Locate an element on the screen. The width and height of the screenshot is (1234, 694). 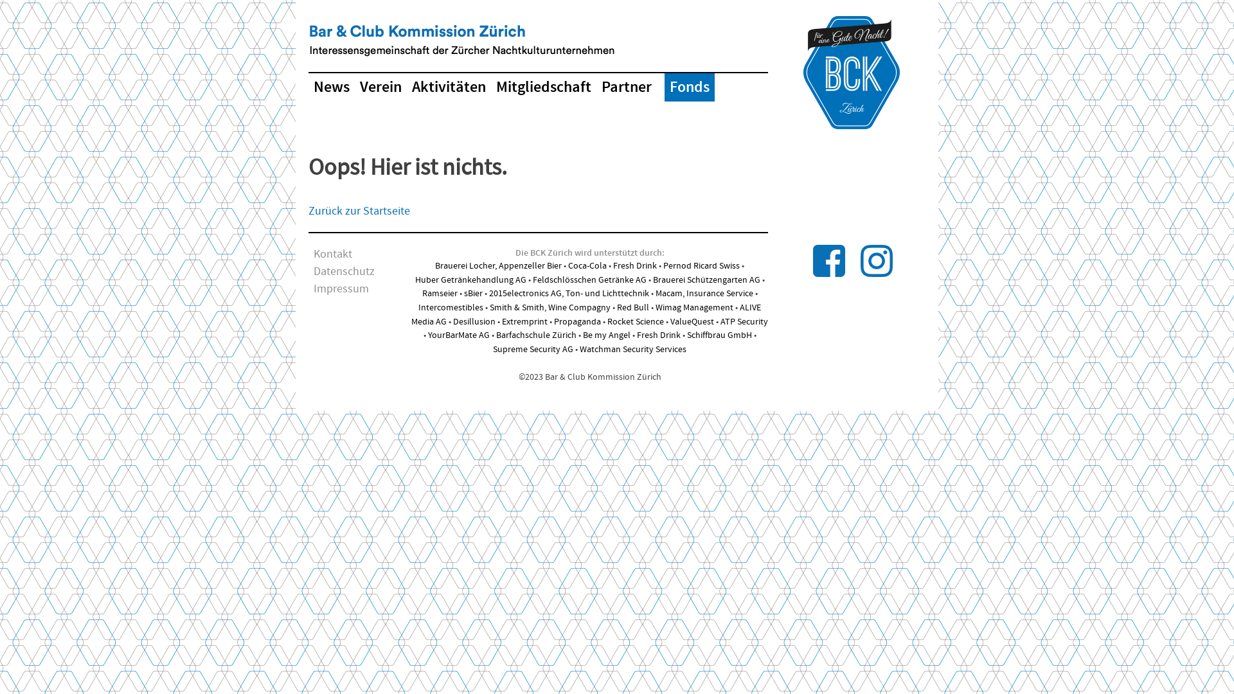
'Fresh Drink' is located at coordinates (657, 334).